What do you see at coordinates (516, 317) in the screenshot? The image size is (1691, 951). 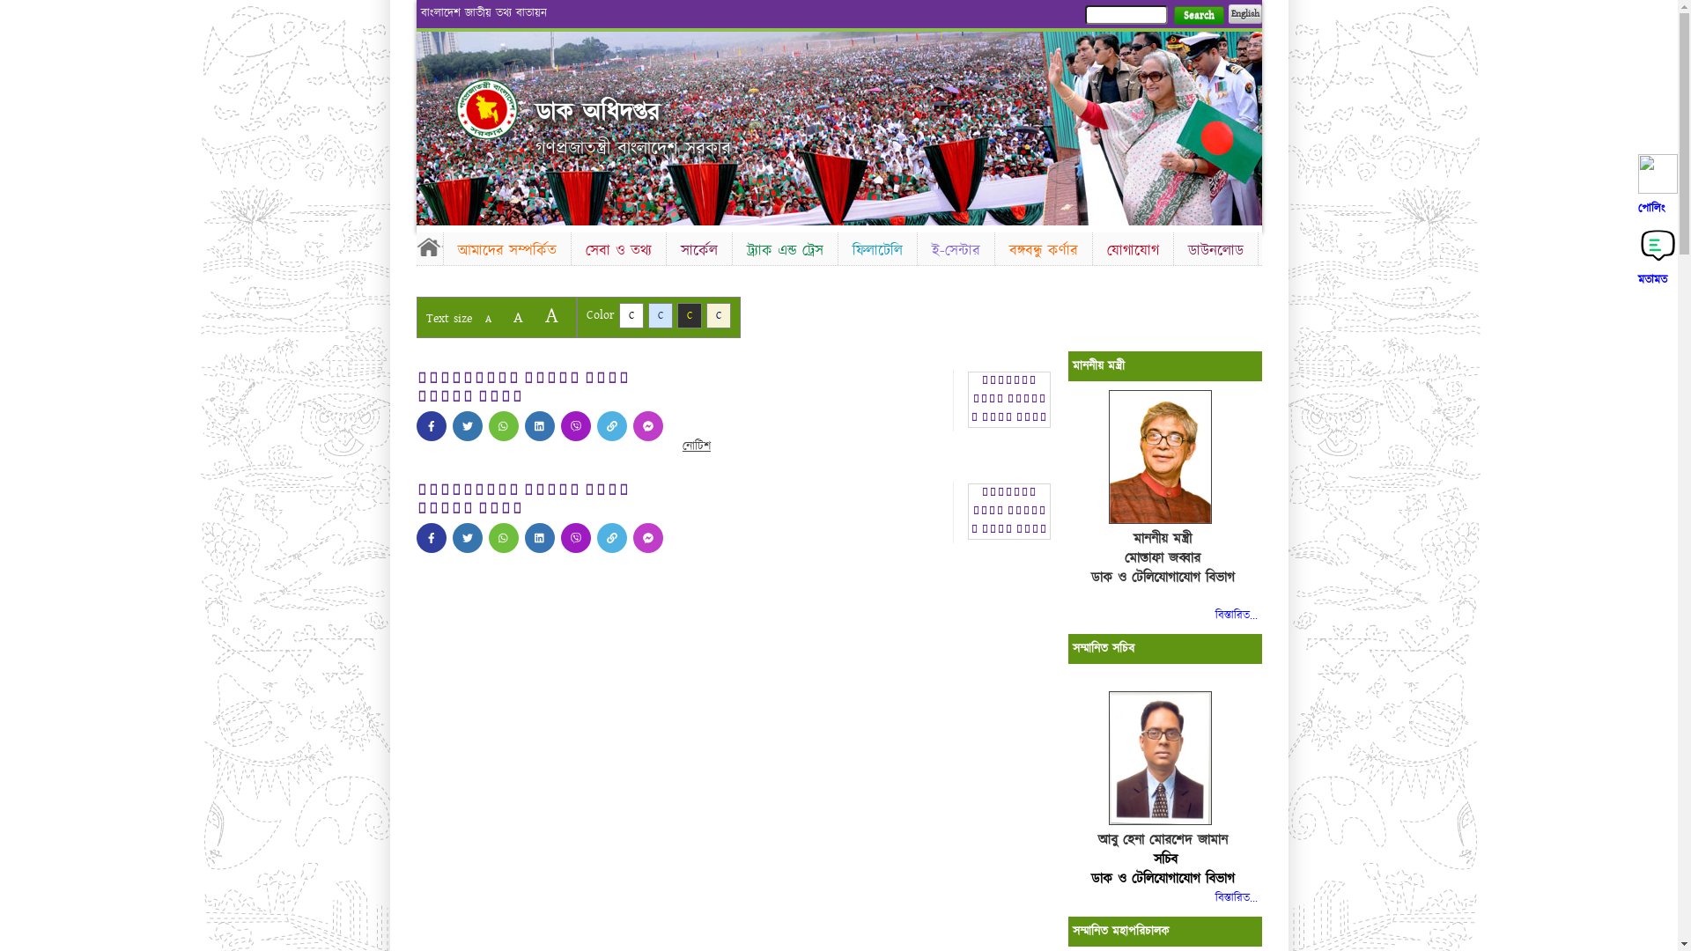 I see `'A'` at bounding box center [516, 317].